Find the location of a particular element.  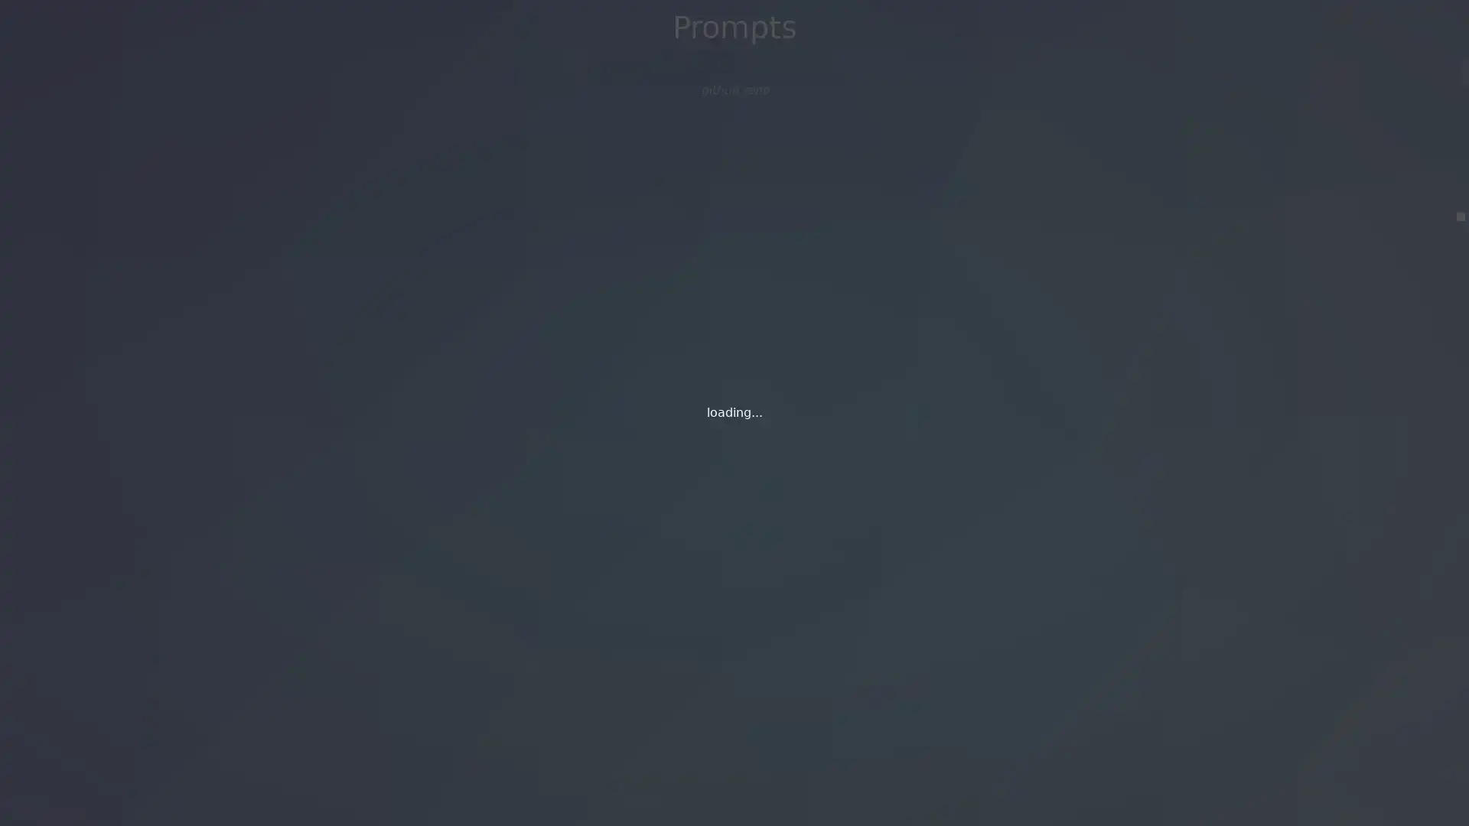

Steven Universe is located at coordinates (733, 150).